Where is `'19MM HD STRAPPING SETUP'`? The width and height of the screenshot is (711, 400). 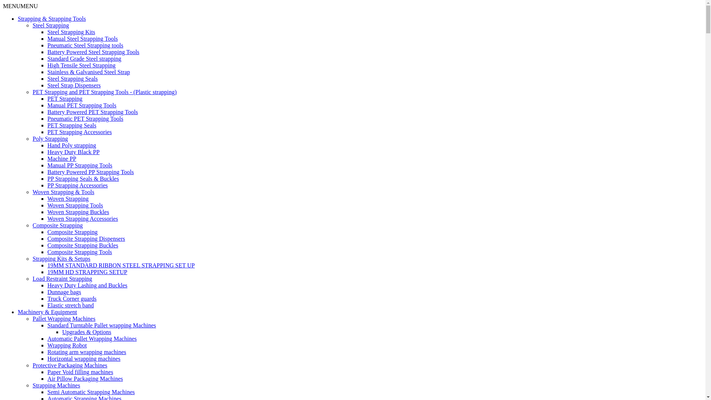
'19MM HD STRAPPING SETUP' is located at coordinates (87, 272).